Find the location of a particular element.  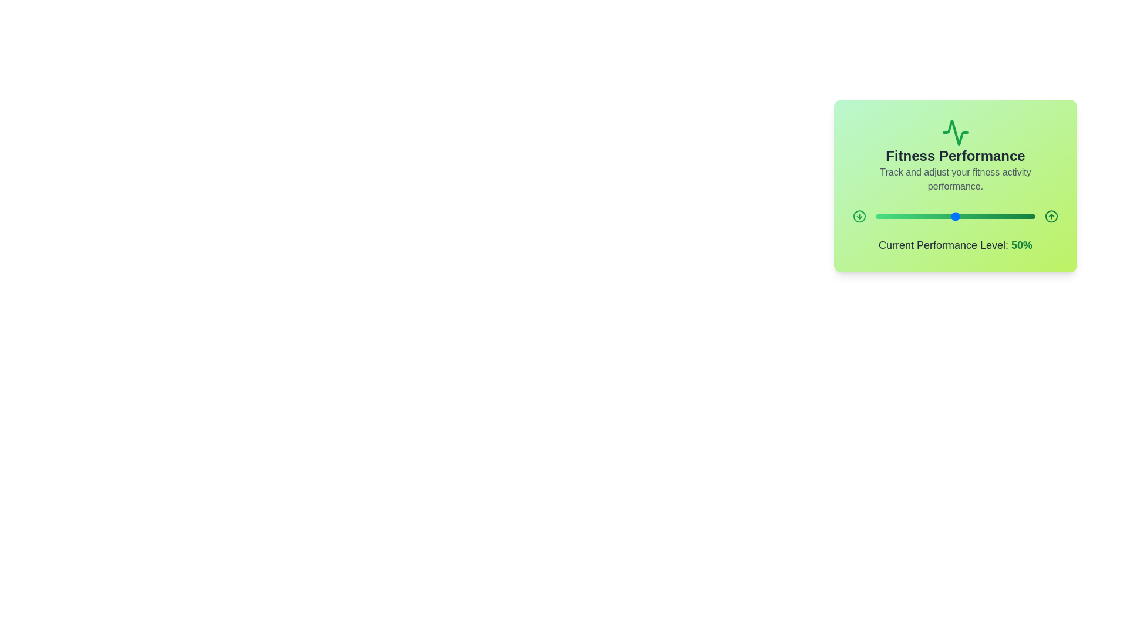

the slider to set the performance level to 97% is located at coordinates (1030, 217).